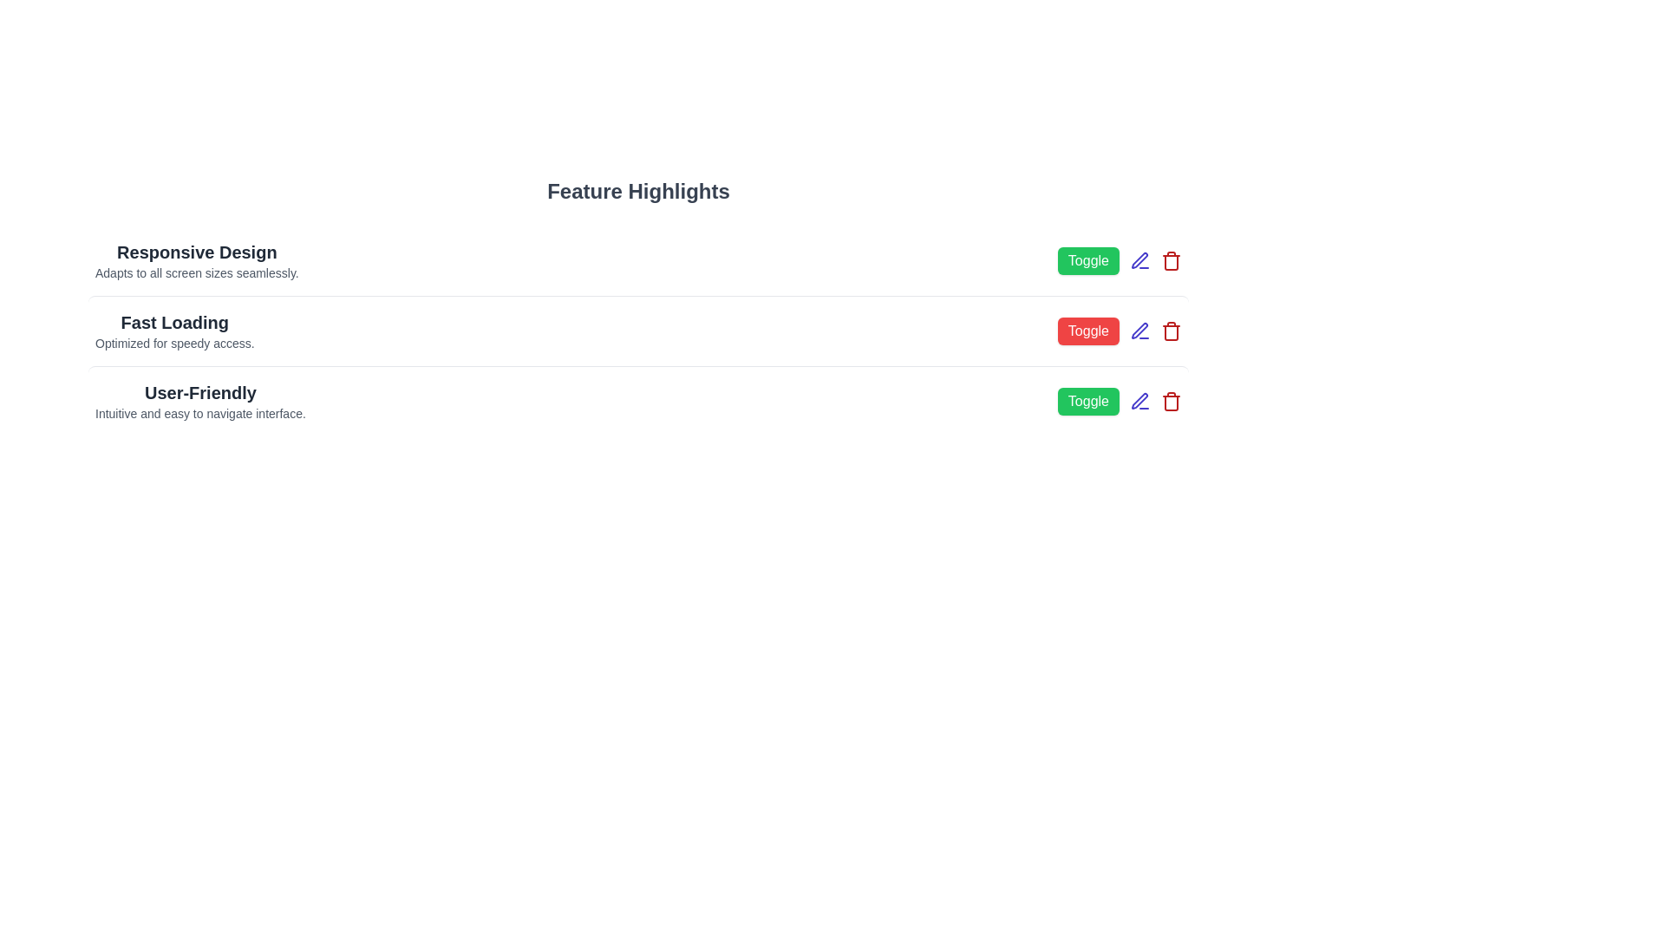 This screenshot has width=1665, height=937. What do you see at coordinates (1171, 401) in the screenshot?
I see `the delete button for the feature 'User-Friendly'` at bounding box center [1171, 401].